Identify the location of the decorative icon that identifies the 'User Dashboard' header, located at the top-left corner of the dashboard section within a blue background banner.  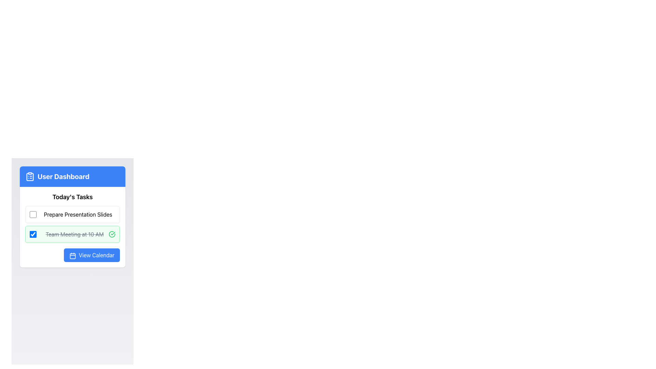
(29, 176).